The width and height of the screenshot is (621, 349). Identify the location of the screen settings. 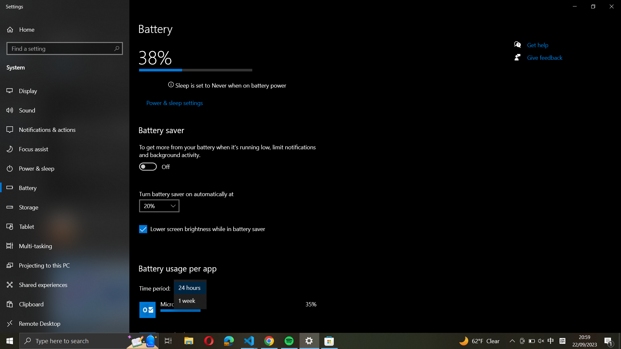
(65, 90).